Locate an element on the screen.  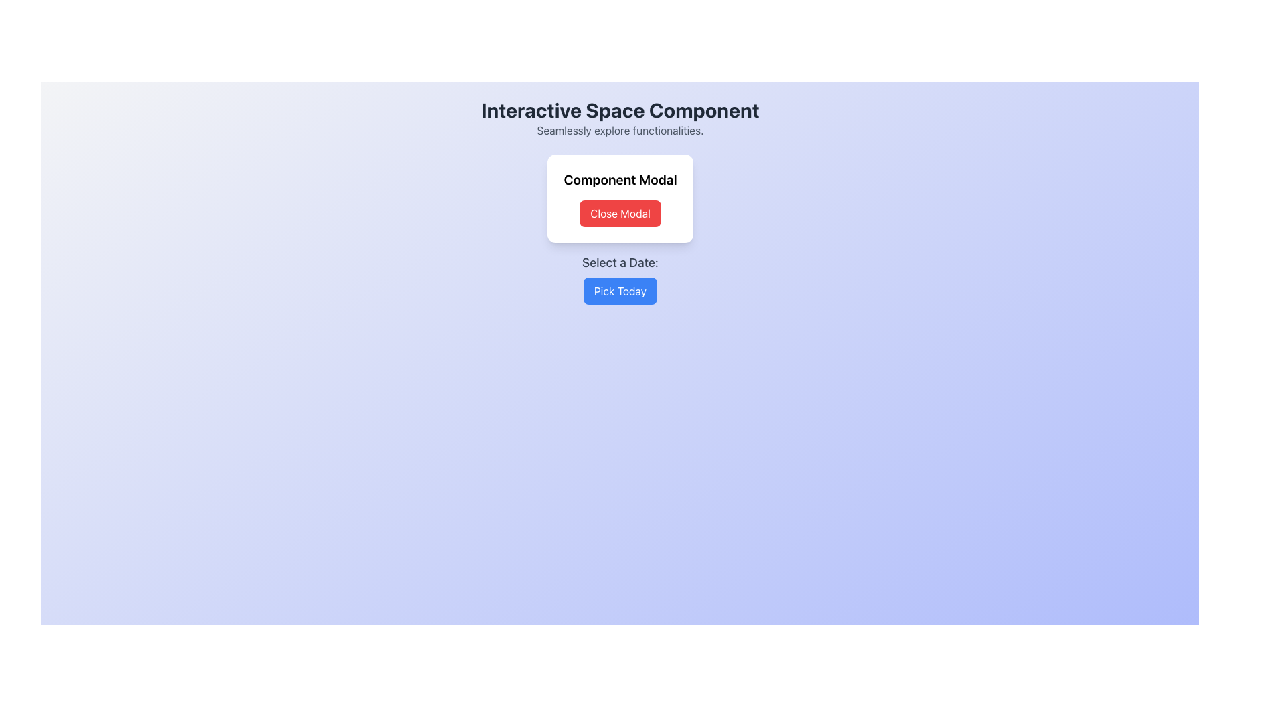
the Modal component titled 'Component Modal' to focus it is located at coordinates (619, 199).